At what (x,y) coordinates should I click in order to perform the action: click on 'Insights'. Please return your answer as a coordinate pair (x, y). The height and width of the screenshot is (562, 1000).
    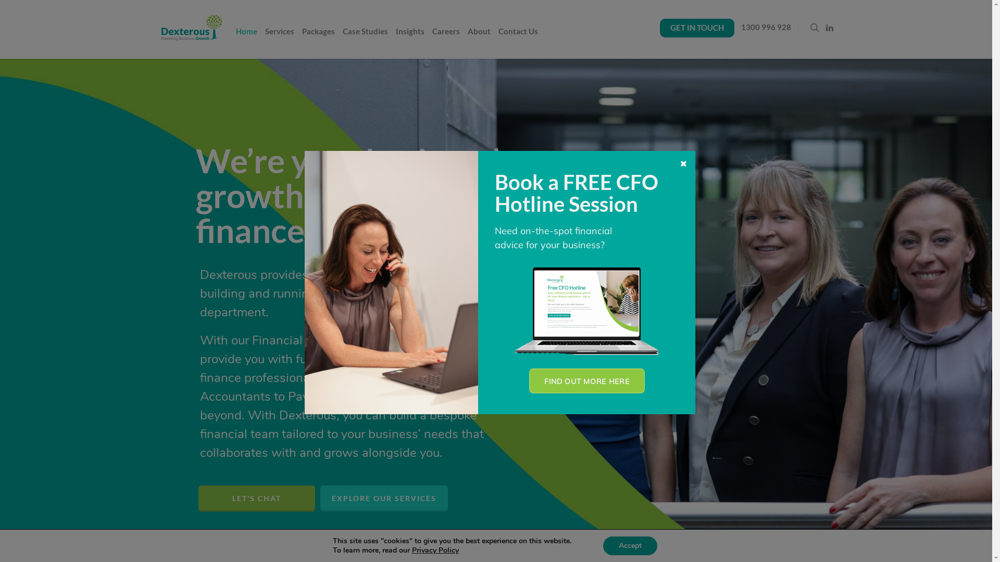
    Looking at the image, I should click on (413, 38).